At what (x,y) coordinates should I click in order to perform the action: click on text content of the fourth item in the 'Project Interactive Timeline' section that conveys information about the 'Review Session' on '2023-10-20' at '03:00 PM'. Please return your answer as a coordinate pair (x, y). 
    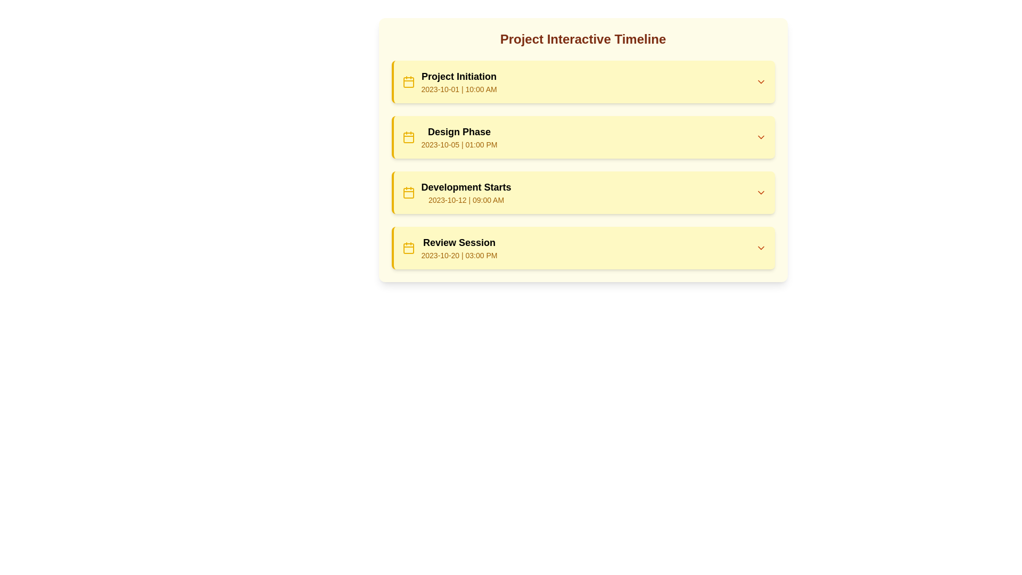
    Looking at the image, I should click on (449, 248).